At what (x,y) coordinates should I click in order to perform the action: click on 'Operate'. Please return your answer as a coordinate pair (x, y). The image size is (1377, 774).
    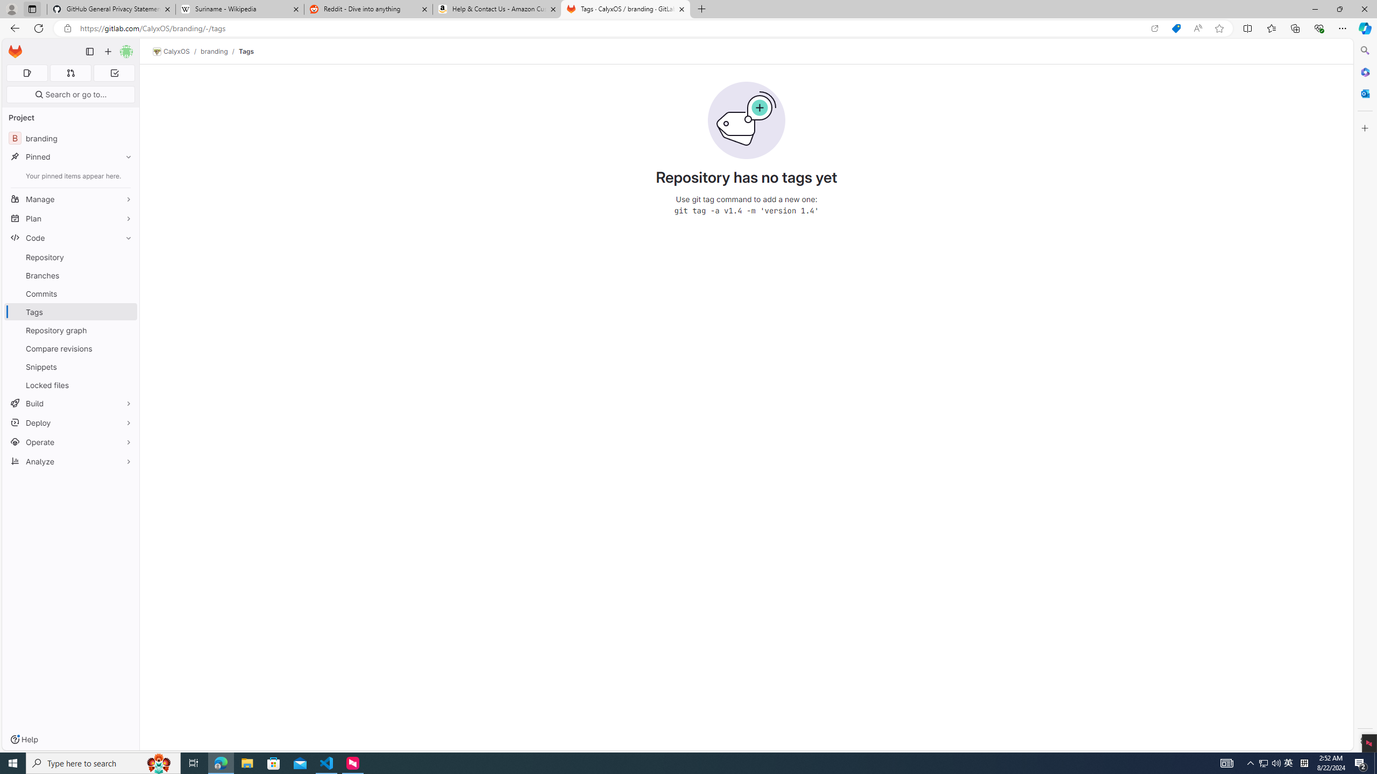
    Looking at the image, I should click on (70, 442).